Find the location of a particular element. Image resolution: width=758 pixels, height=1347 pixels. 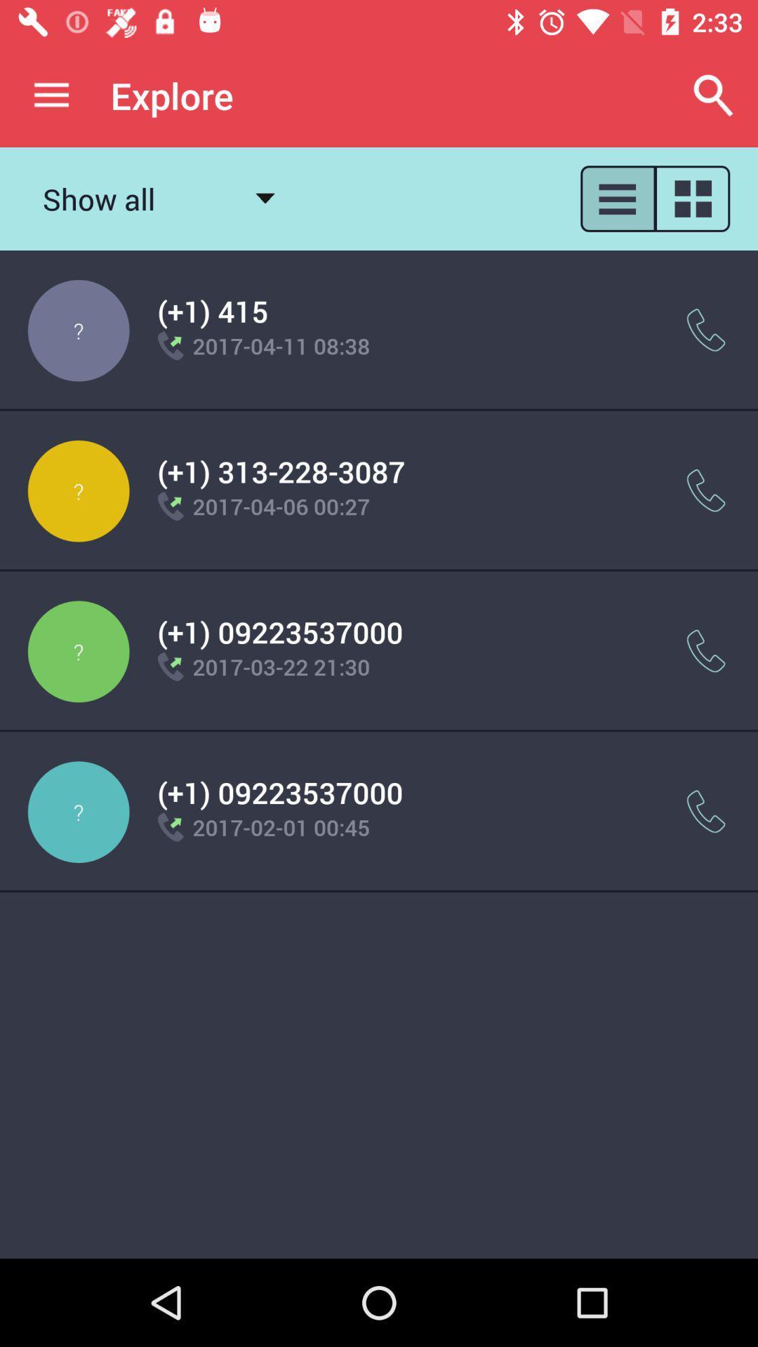

the dashboard icon is located at coordinates (692, 198).